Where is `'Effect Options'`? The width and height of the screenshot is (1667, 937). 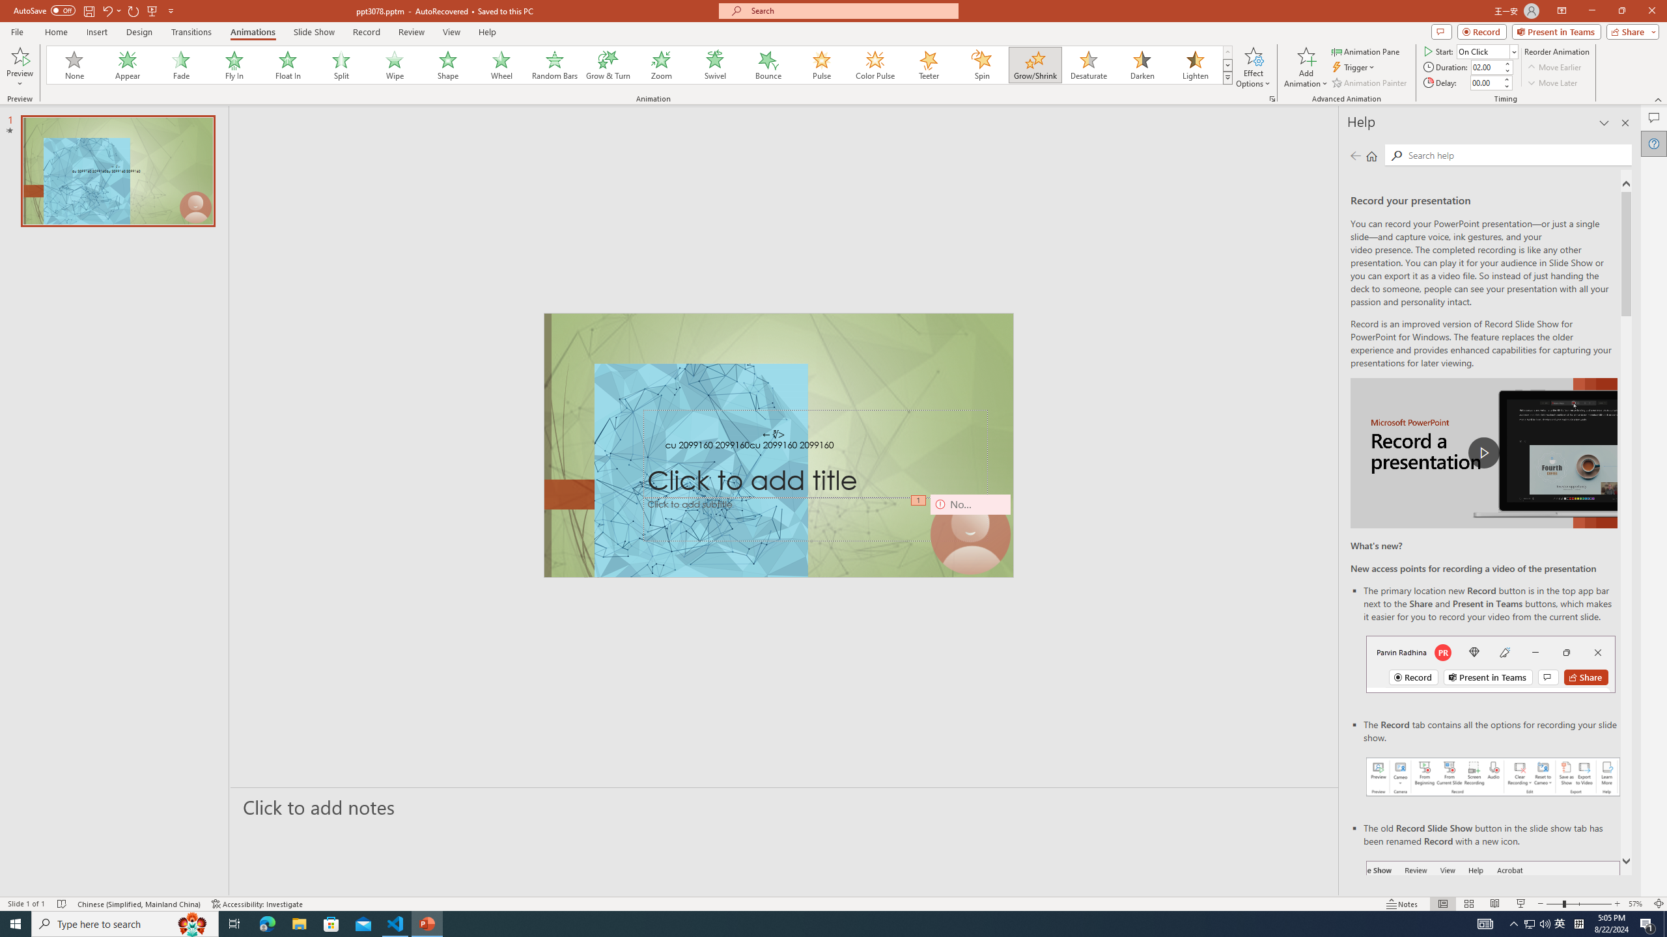 'Effect Options' is located at coordinates (1253, 67).